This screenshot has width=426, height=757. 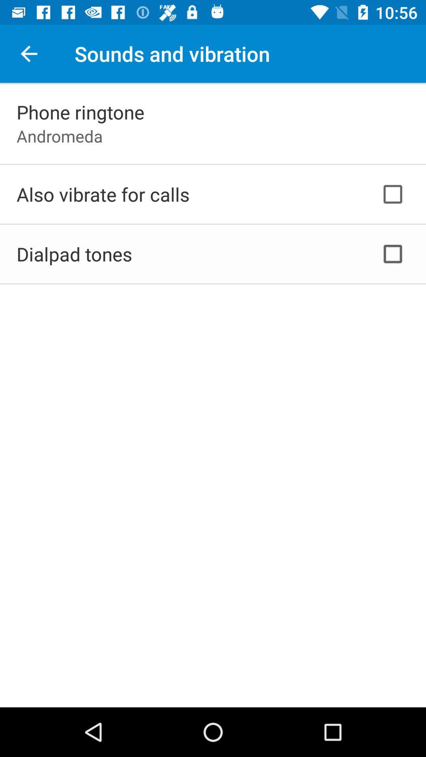 What do you see at coordinates (80, 112) in the screenshot?
I see `item above andromeda item` at bounding box center [80, 112].